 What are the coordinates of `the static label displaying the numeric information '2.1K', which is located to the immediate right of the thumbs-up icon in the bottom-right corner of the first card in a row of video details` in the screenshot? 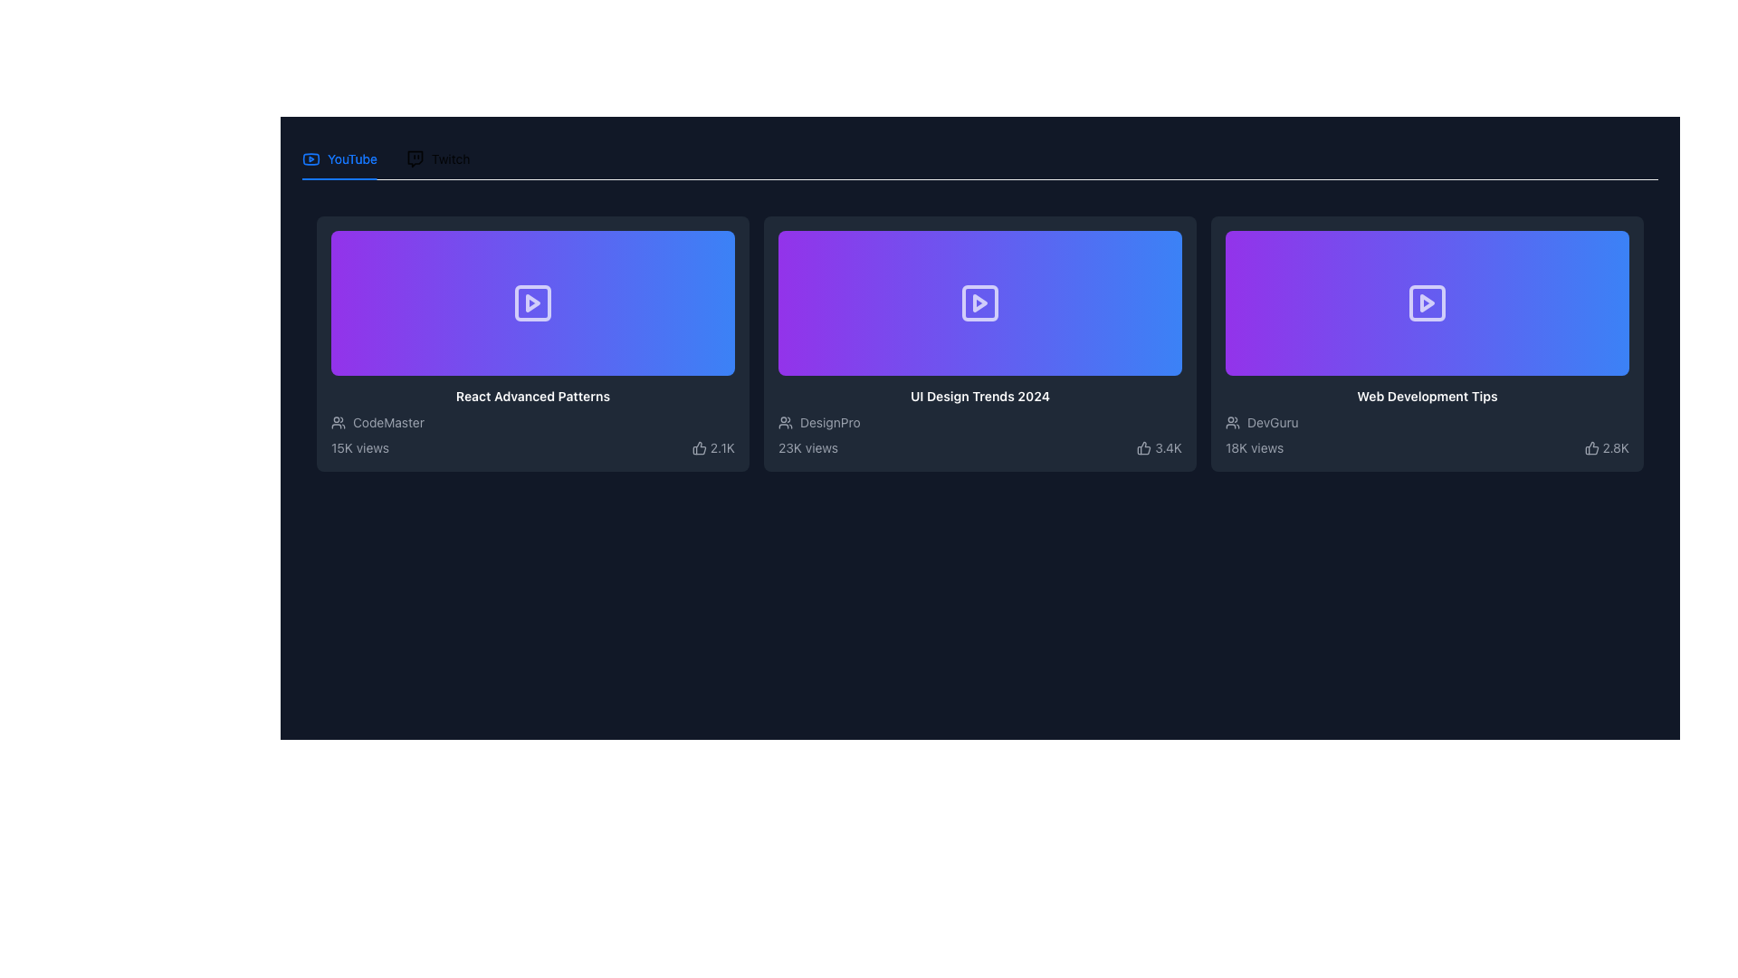 It's located at (721, 447).